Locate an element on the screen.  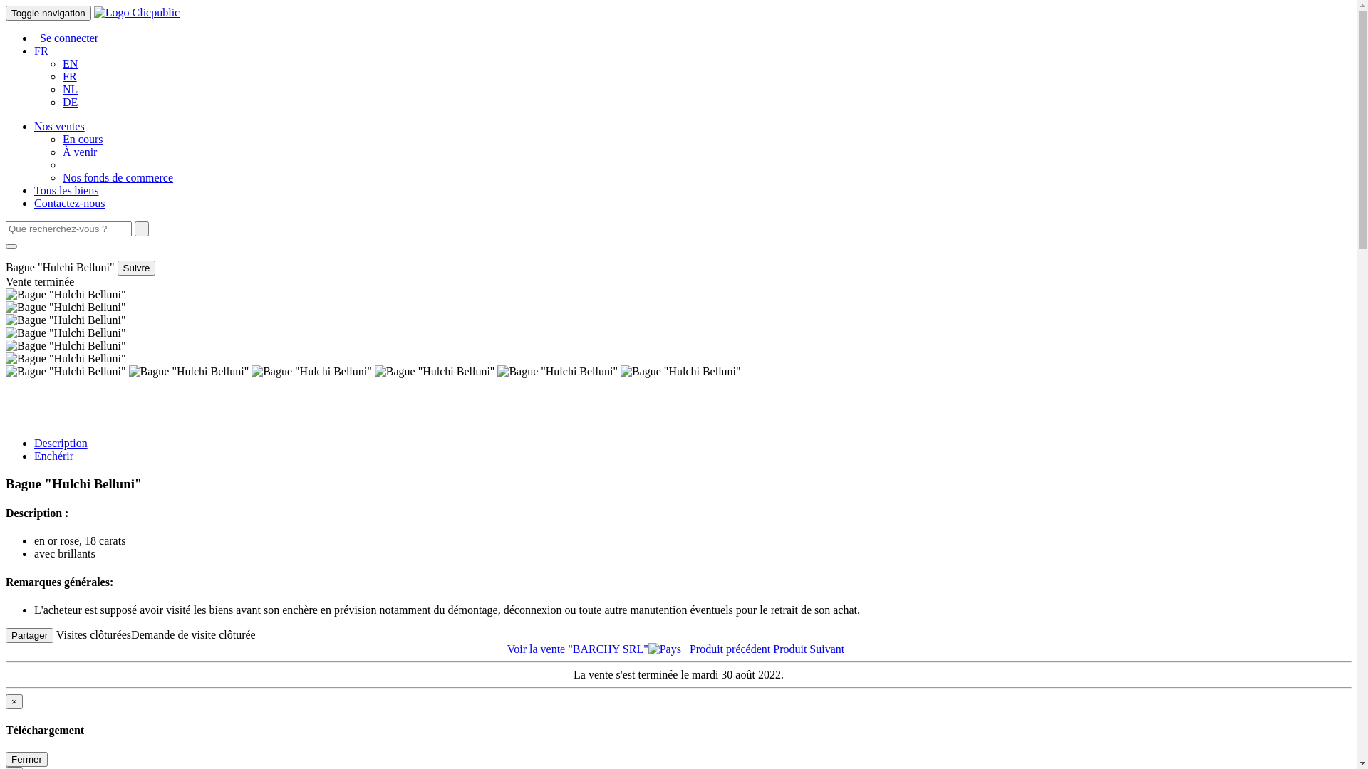
'Bague "Hulchi Belluni"' is located at coordinates (6, 320).